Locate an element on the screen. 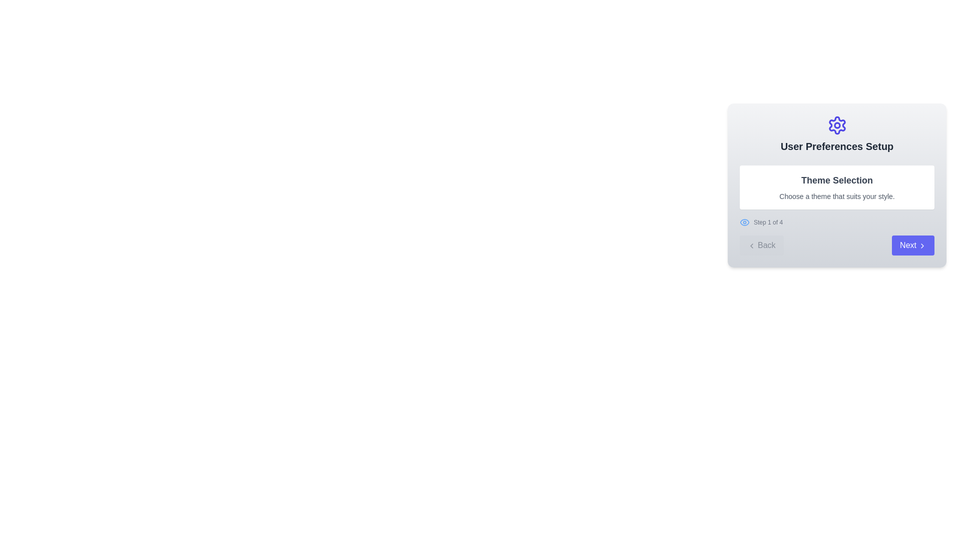 The image size is (961, 540). the 'Previous' button located at the bottom-left corner of the 'User Preferences Setup' panel is located at coordinates (761, 245).